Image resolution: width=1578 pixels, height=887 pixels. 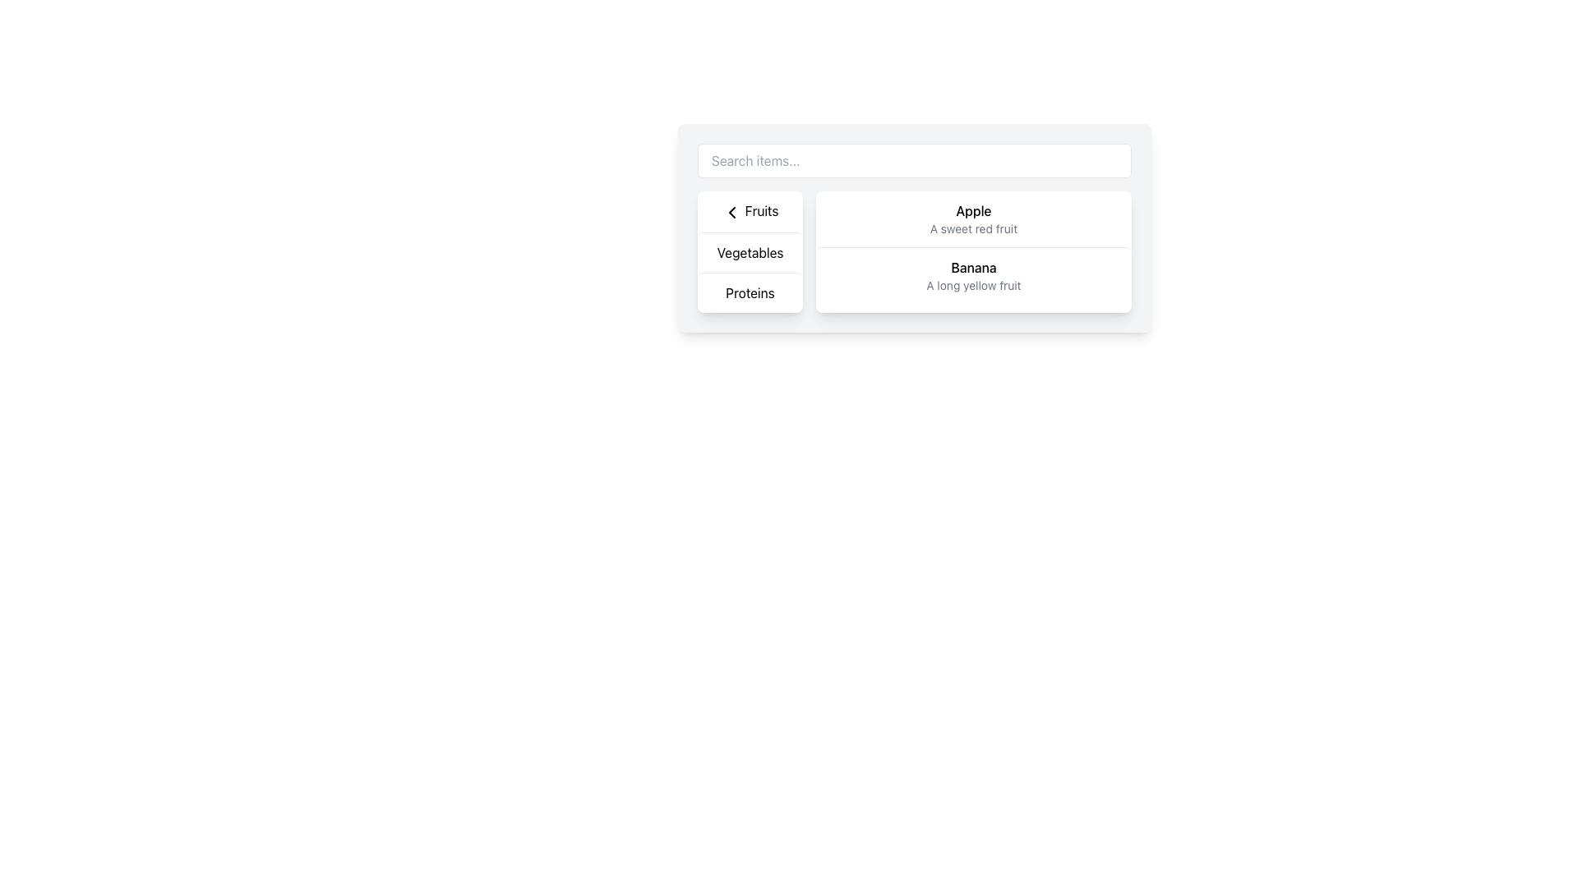 I want to click on the 'Fruits' button element to interact with the keyboard for selection, so click(x=749, y=210).